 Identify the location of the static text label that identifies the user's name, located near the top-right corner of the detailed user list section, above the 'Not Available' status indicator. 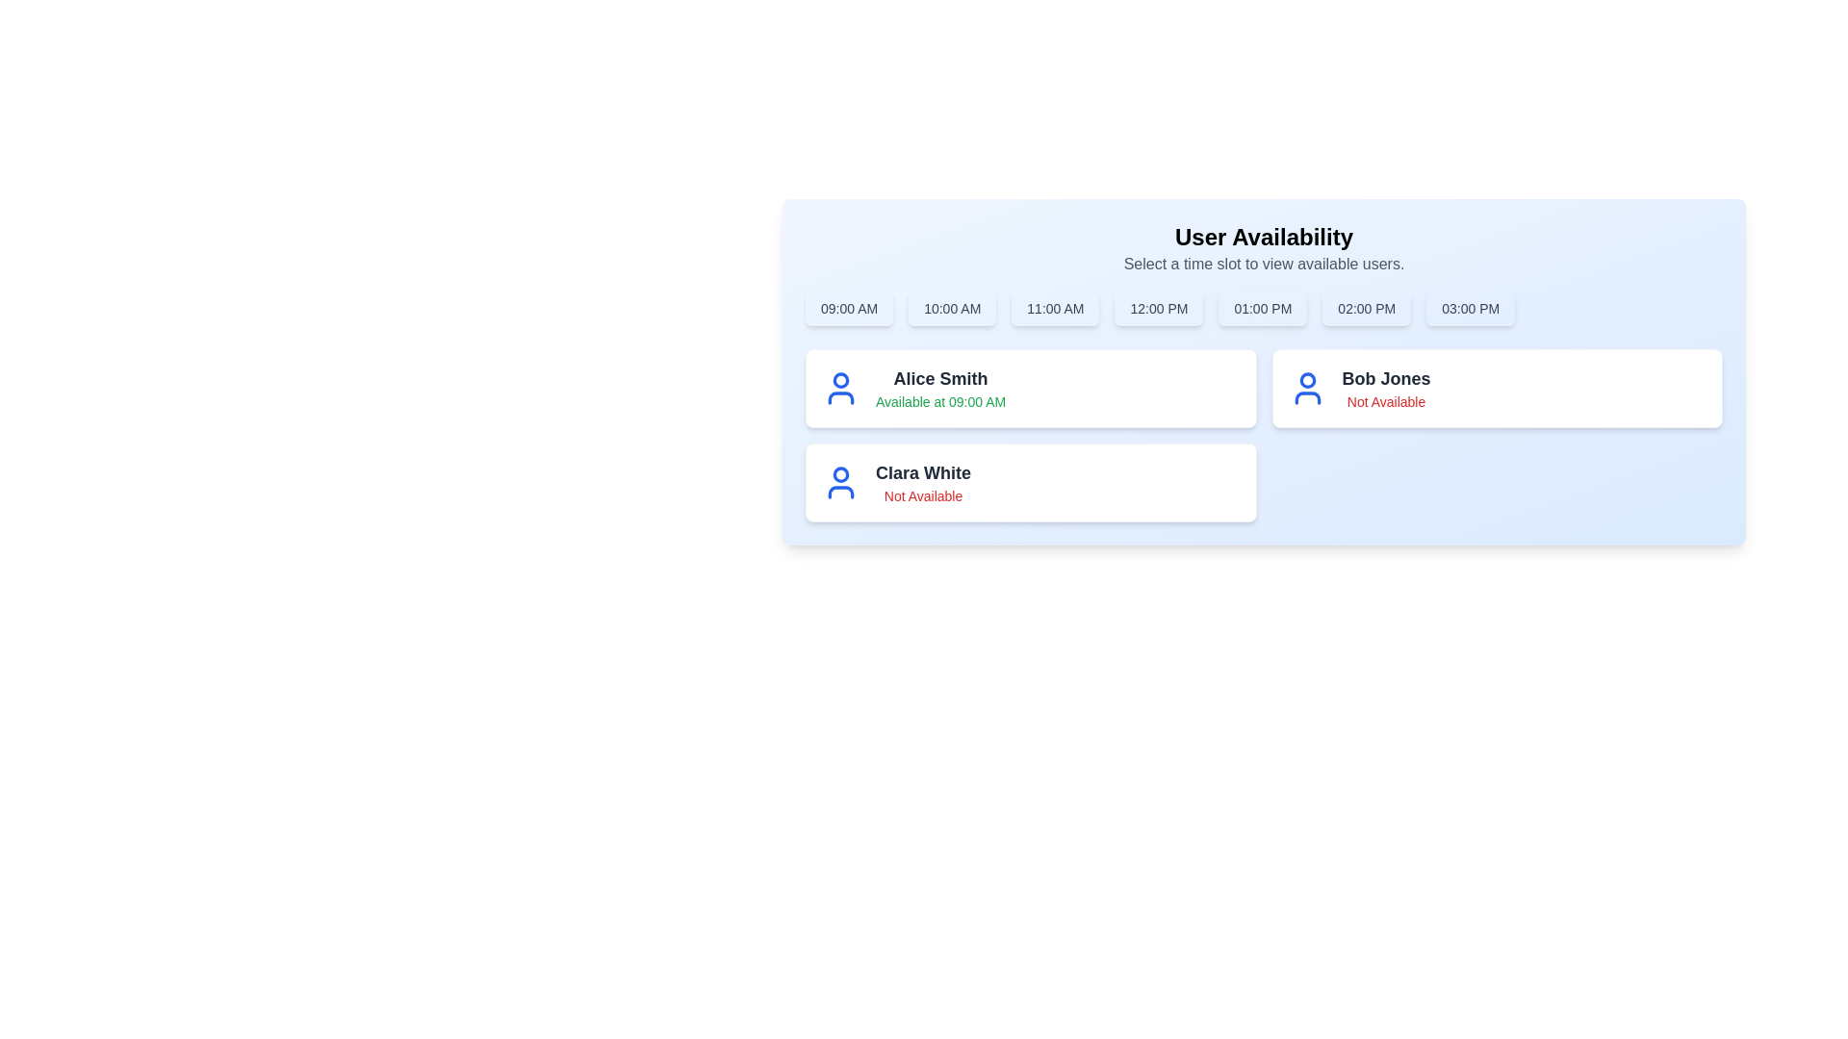
(1386, 378).